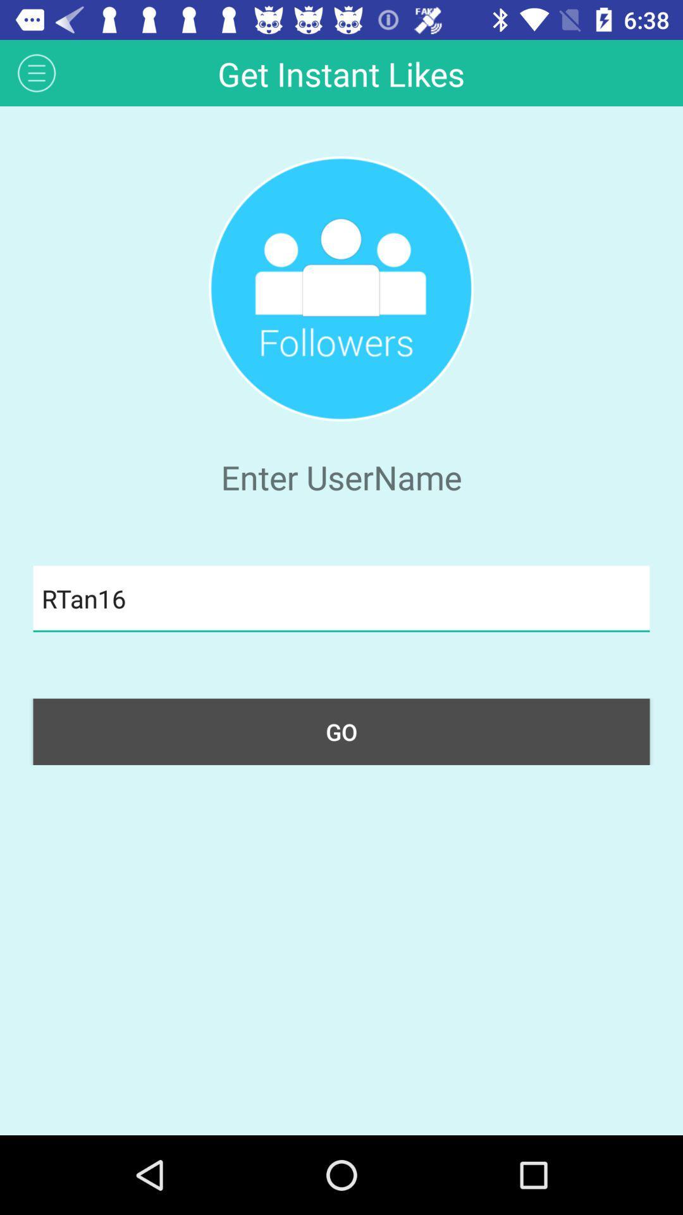  What do you see at coordinates (341, 598) in the screenshot?
I see `button above go item` at bounding box center [341, 598].